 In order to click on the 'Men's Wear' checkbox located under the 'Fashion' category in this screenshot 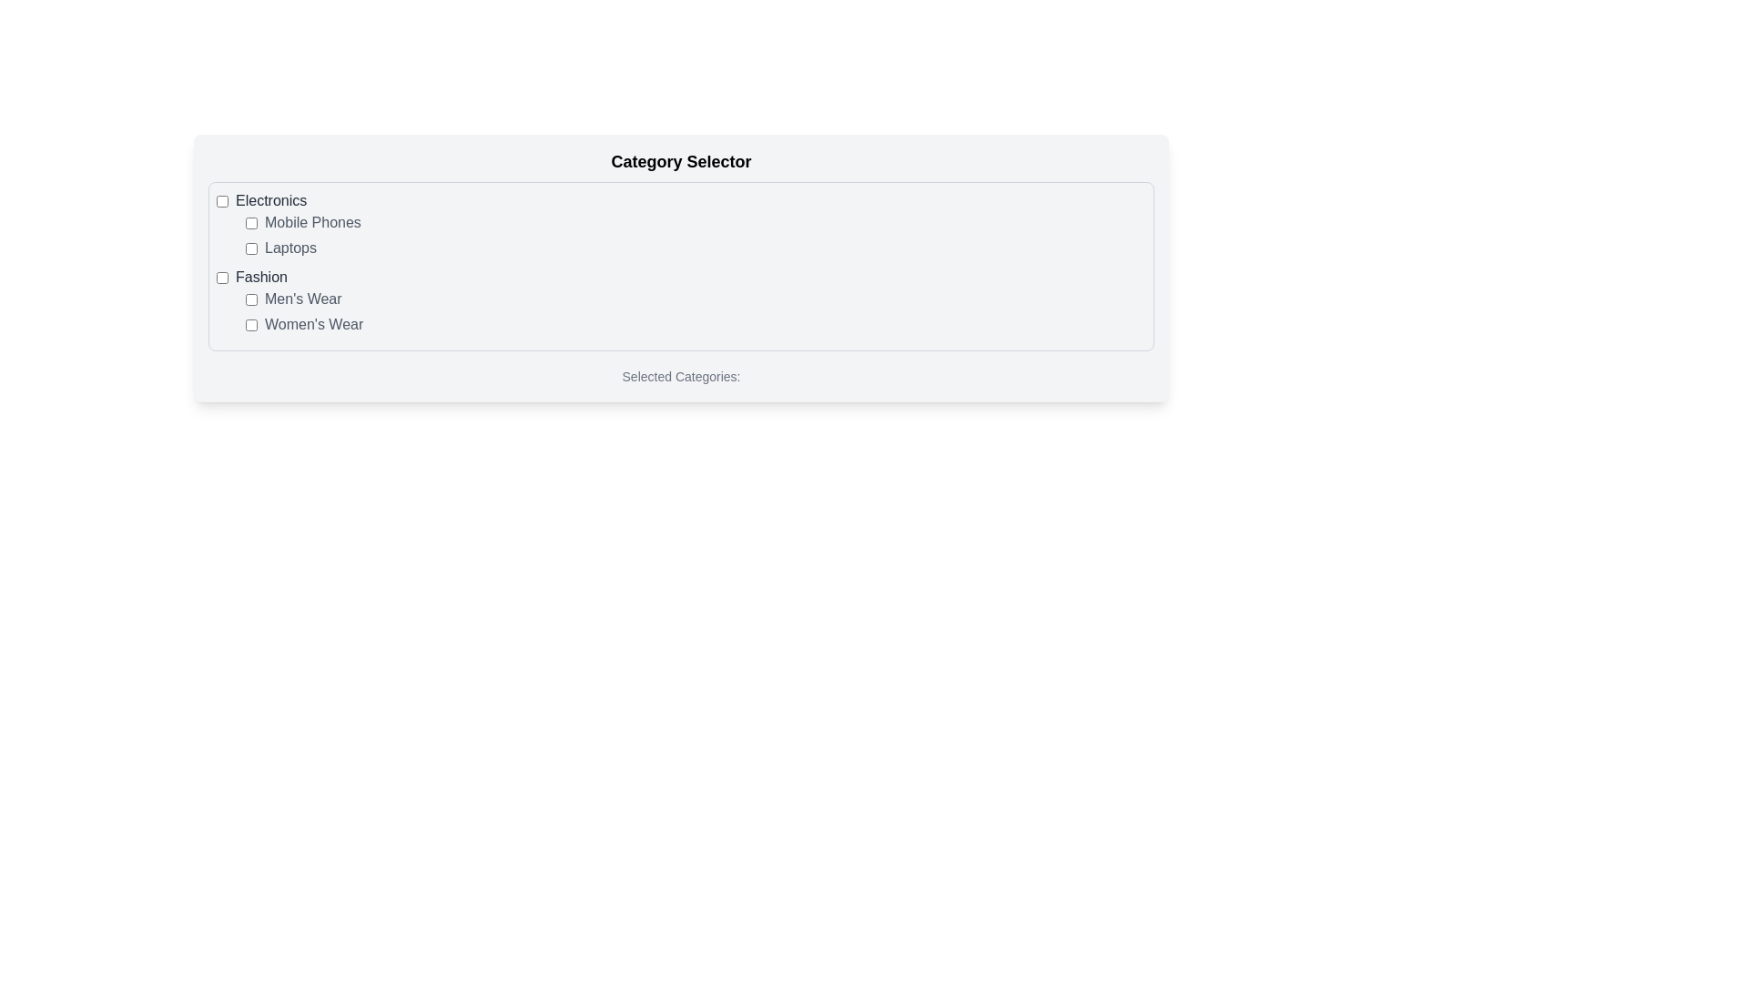, I will do `click(250, 298)`.